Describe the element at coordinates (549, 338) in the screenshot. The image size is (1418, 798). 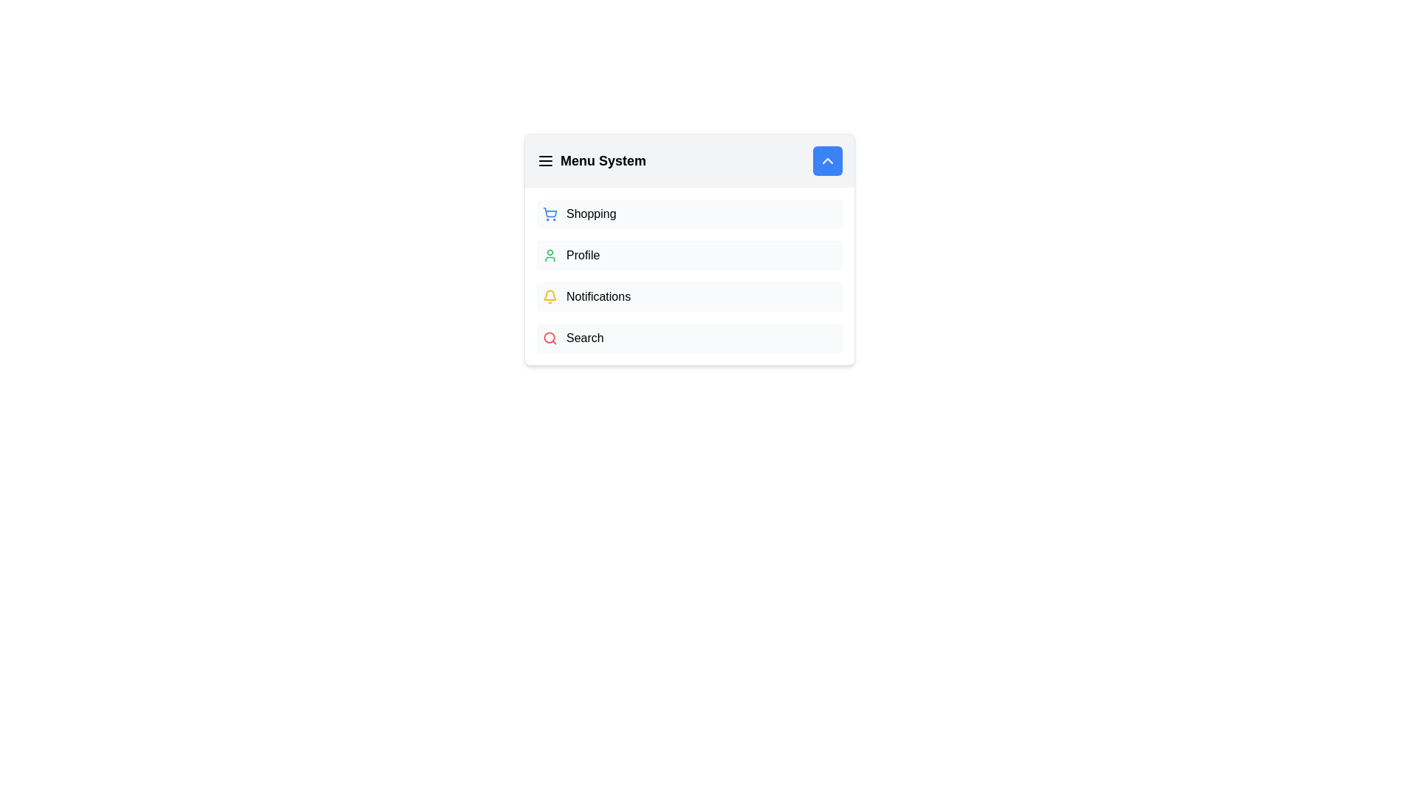
I see `the search icon represented by the red magnifying glass located at the start of the 'Search' row in the menu` at that location.